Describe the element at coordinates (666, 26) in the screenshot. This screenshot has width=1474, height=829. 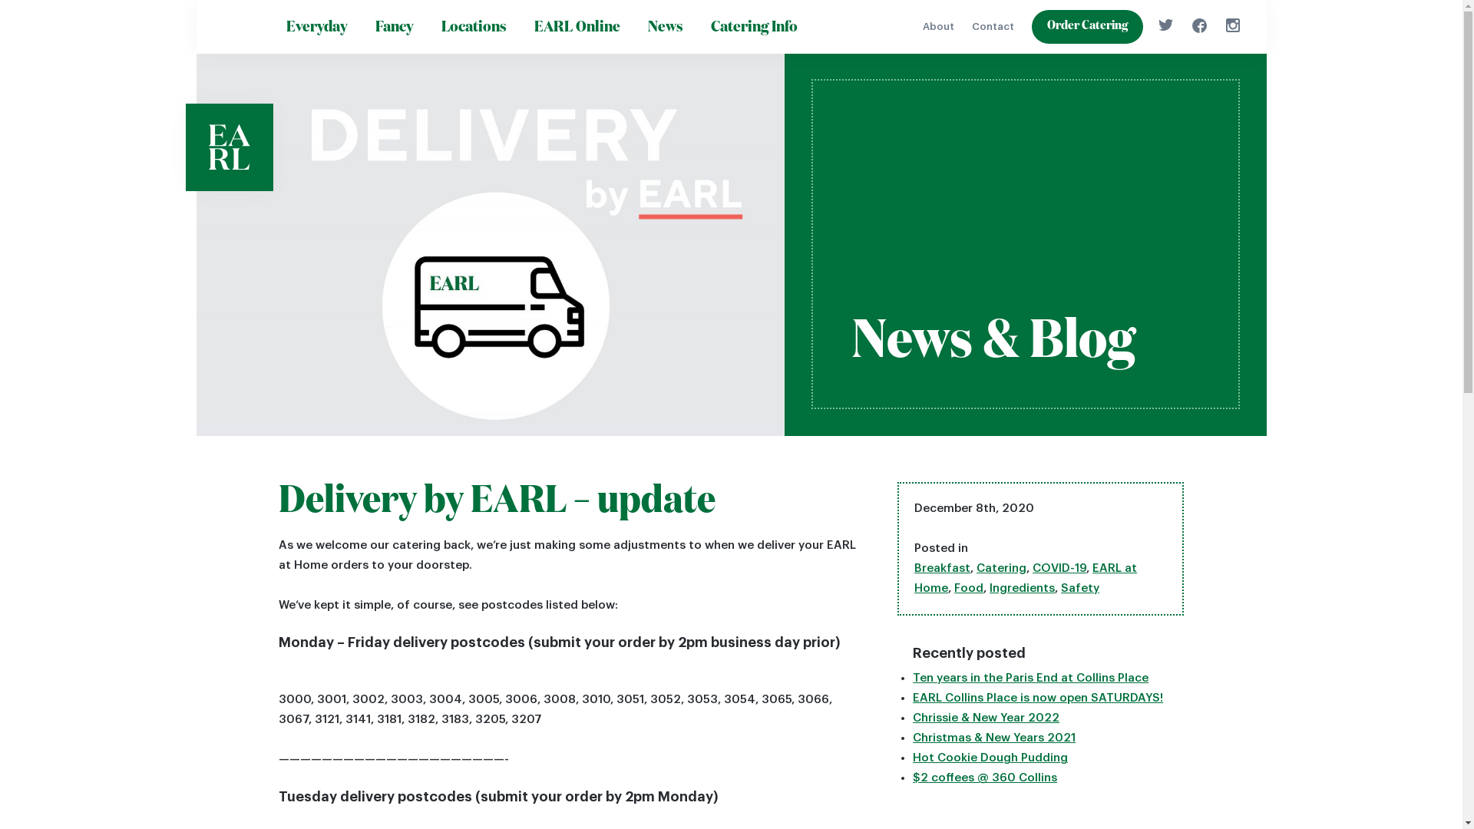
I see `'News'` at that location.